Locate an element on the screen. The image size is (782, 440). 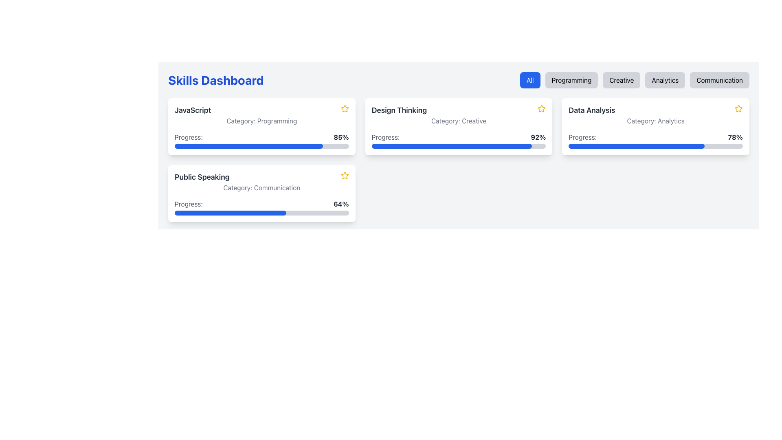
the progress percentage of the Progress Bar located in the JavaScript skill card in the Skills Dashboard, positioned below the 'Category: Programming' text is located at coordinates (261, 140).